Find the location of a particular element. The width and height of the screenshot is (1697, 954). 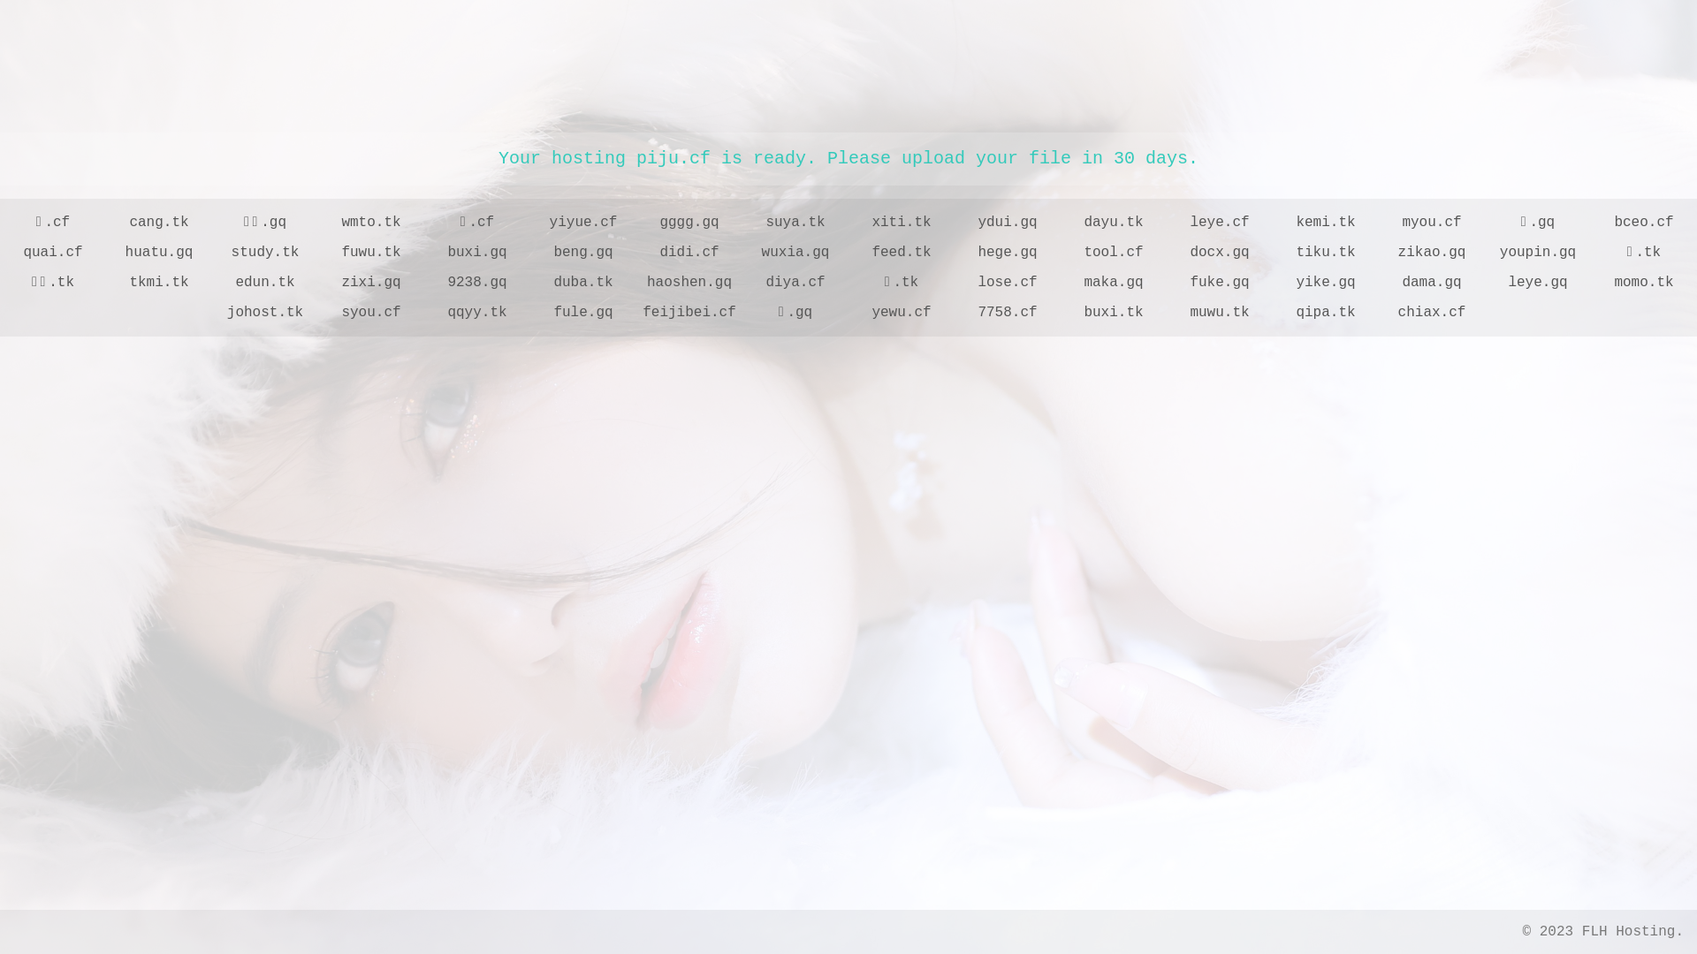

'myou.cf' is located at coordinates (1432, 221).